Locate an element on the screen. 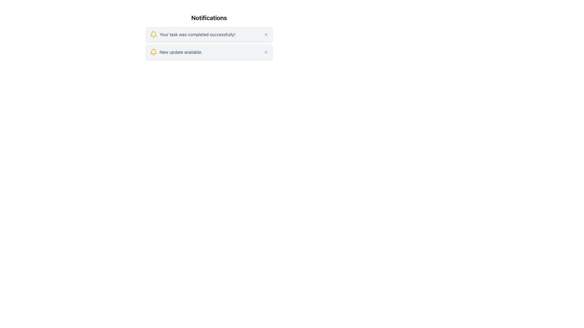  notification message displaying 'New update available.' which is styled in gray color and positioned to the right of a yellow bell icon in the second notification of a vertical list is located at coordinates (181, 52).